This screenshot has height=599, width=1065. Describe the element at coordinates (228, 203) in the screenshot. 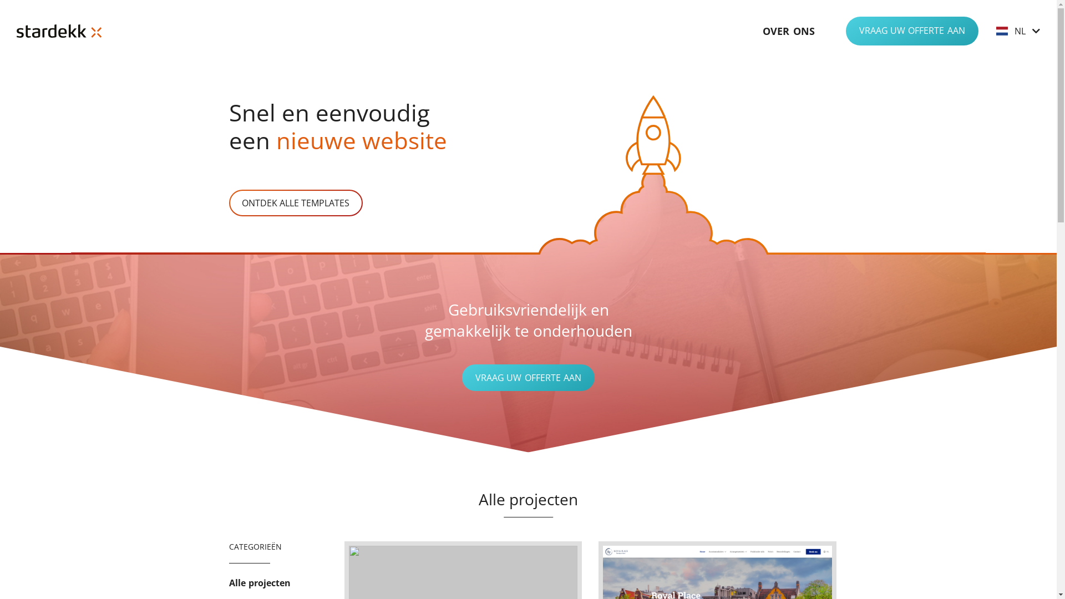

I see `'ONTDEK ALLE TEMPLATES'` at that location.